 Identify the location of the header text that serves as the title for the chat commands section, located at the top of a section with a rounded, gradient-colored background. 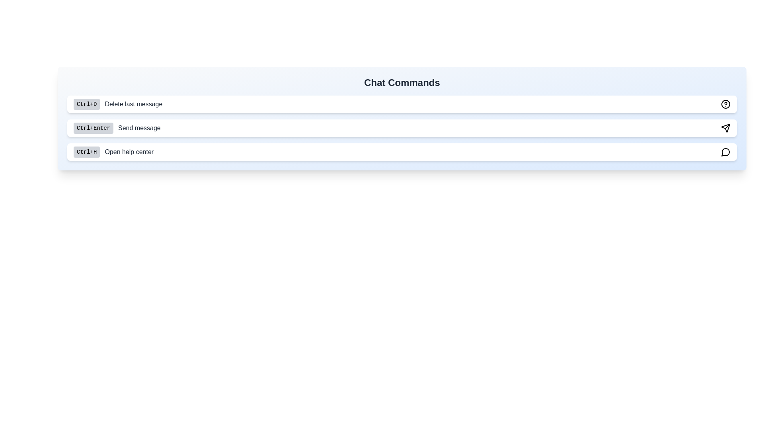
(402, 83).